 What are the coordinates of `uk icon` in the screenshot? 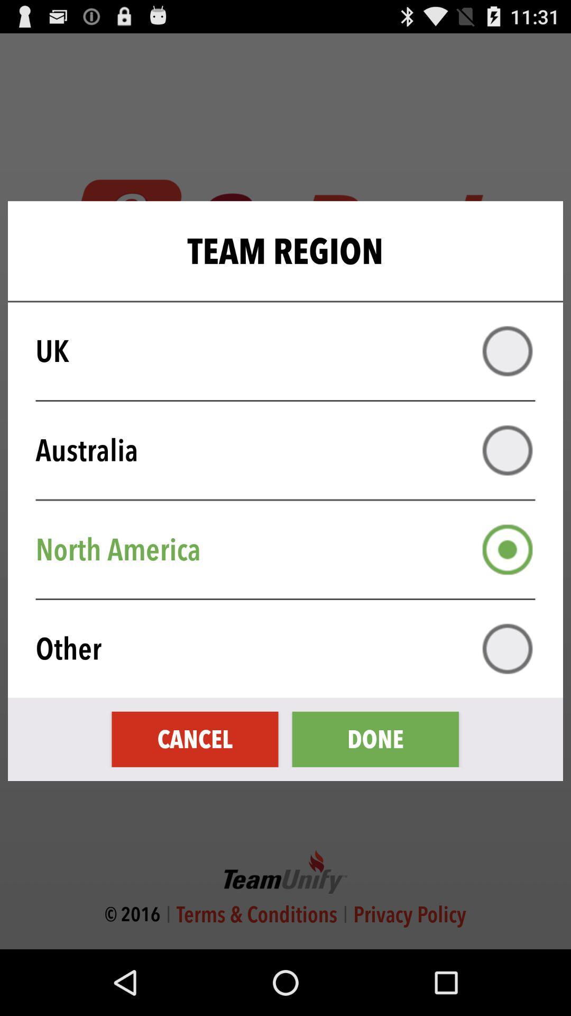 It's located at (292, 351).